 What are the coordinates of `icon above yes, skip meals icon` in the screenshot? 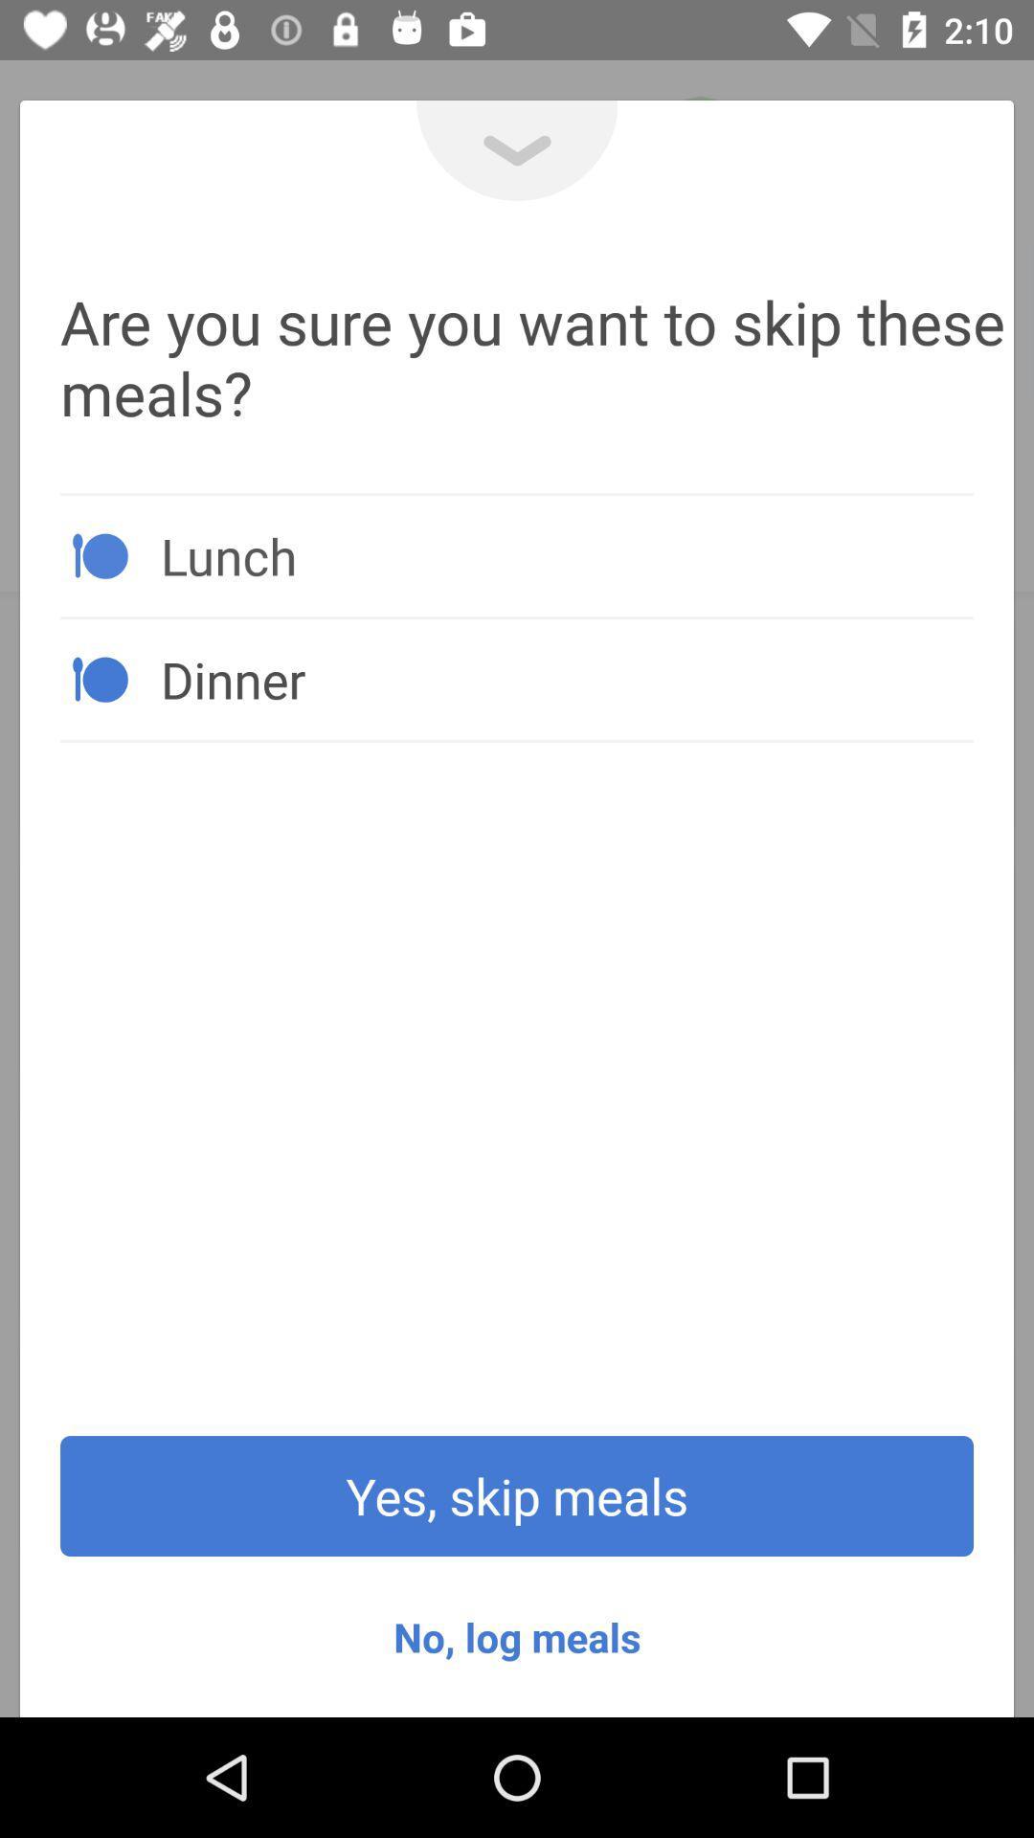 It's located at (566, 679).